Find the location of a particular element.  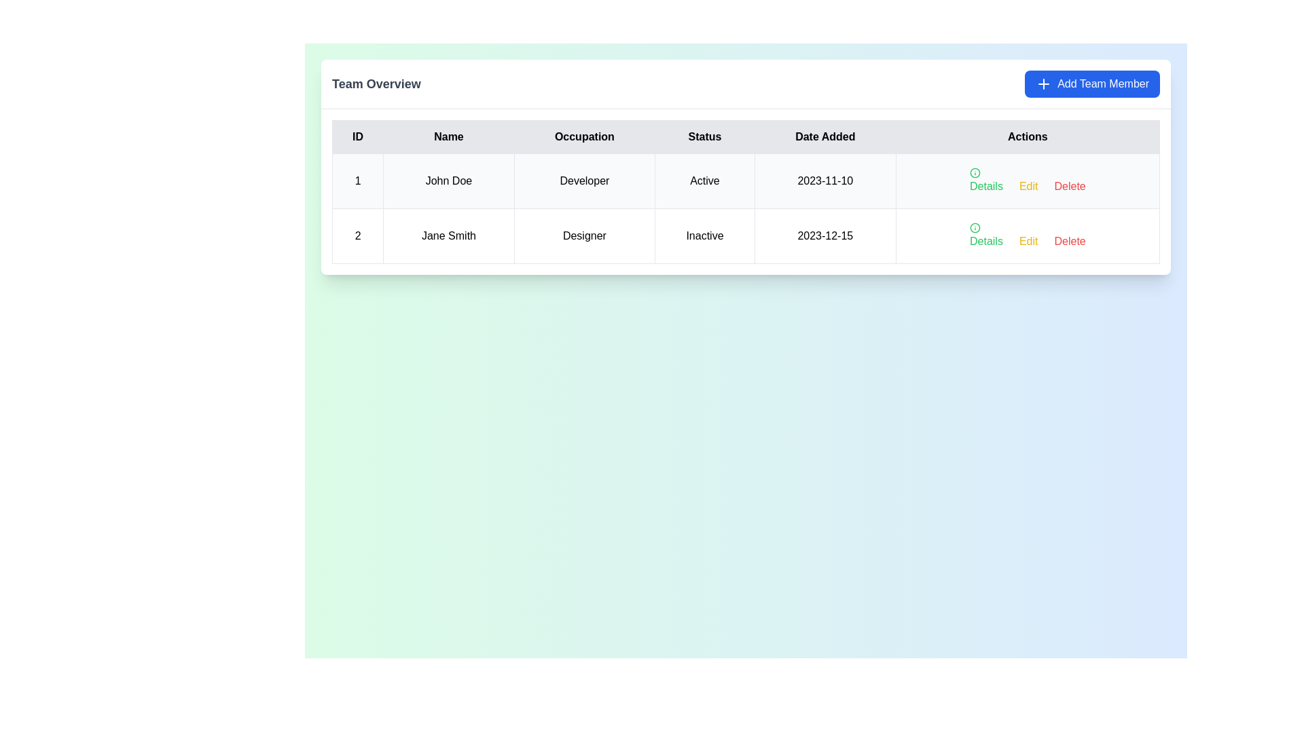

the visual indicator icon located in the rightmost column of the first row of the table, which precedes the 'Details' text link is located at coordinates (974, 172).